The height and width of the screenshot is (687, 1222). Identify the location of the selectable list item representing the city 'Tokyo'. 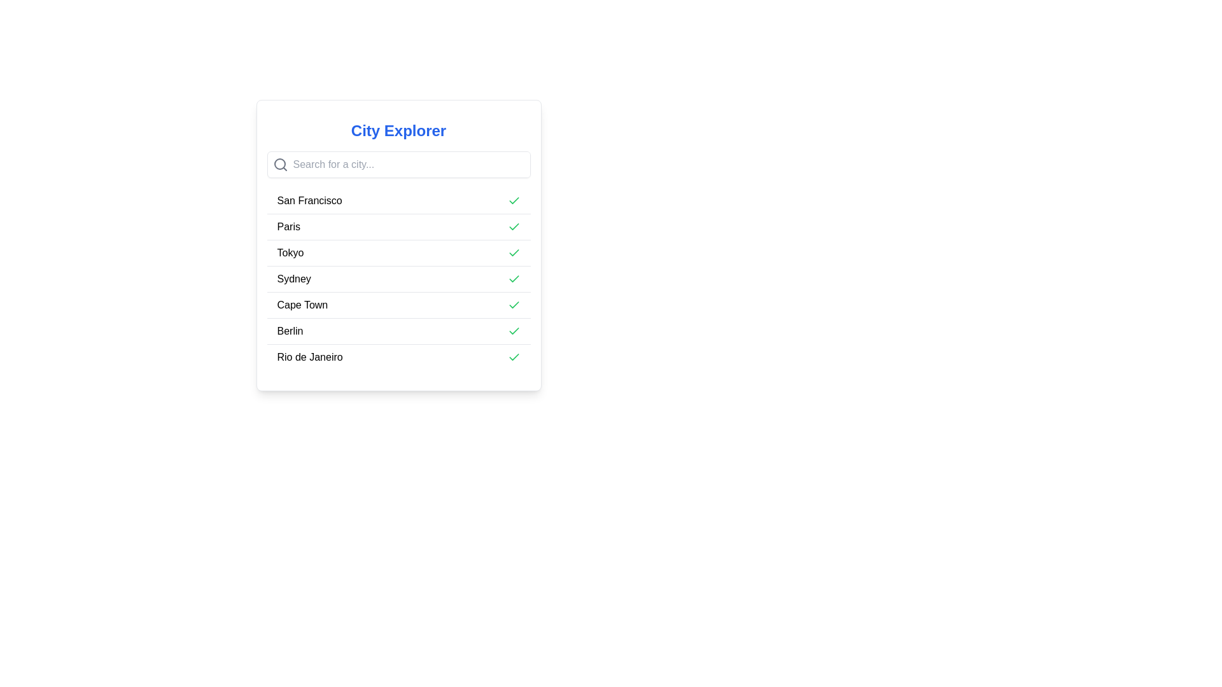
(290, 253).